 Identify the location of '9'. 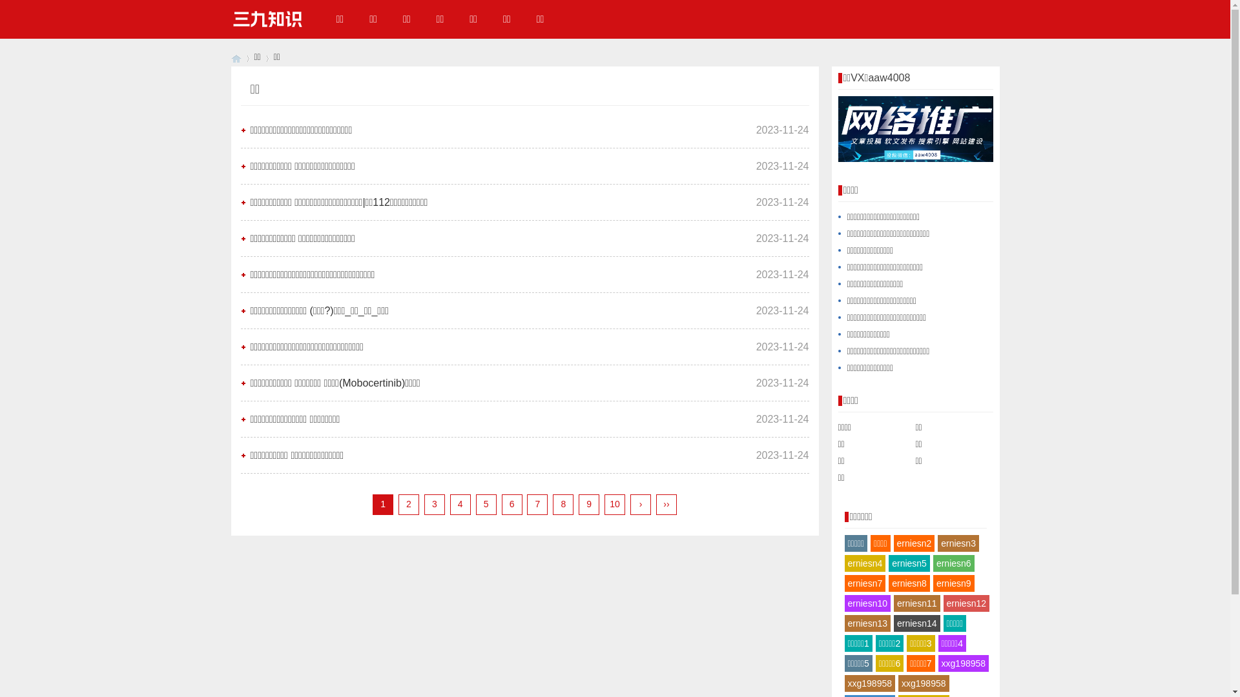
(588, 504).